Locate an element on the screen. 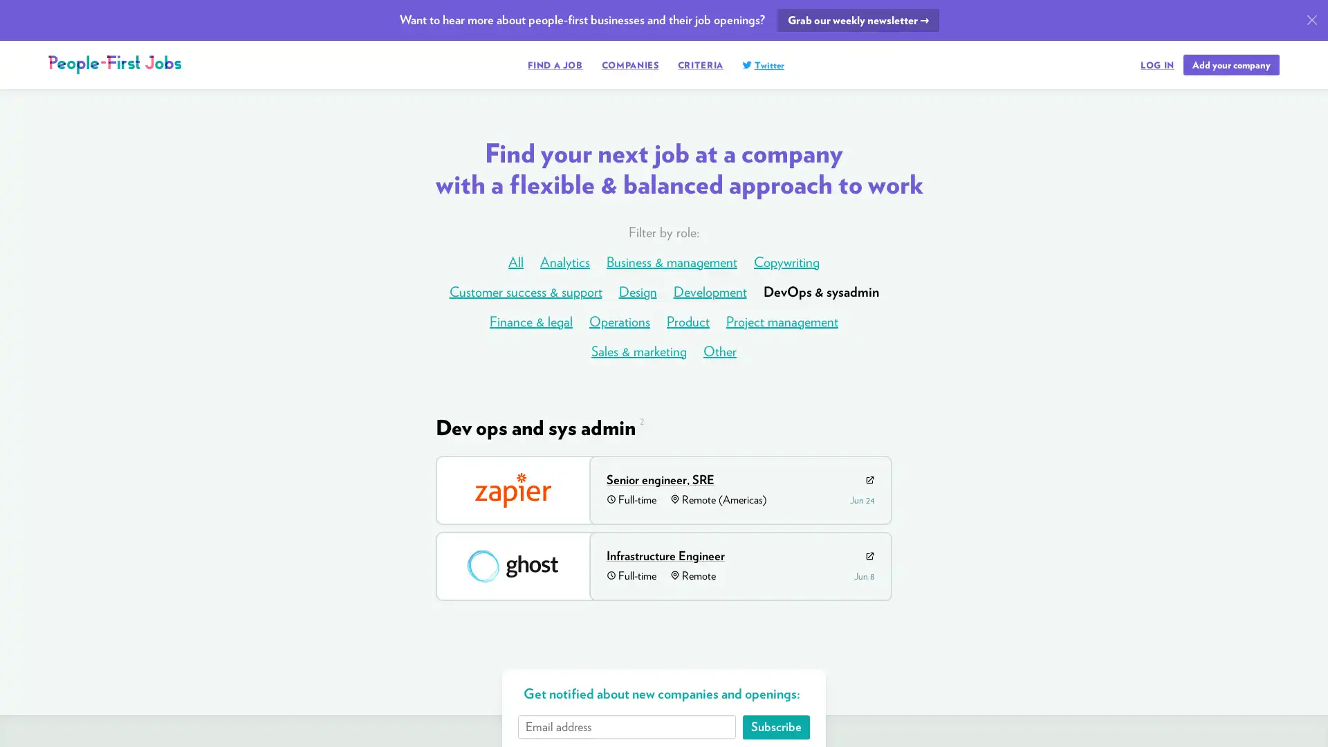 Image resolution: width=1328 pixels, height=747 pixels. Subscribe is located at coordinates (775, 726).